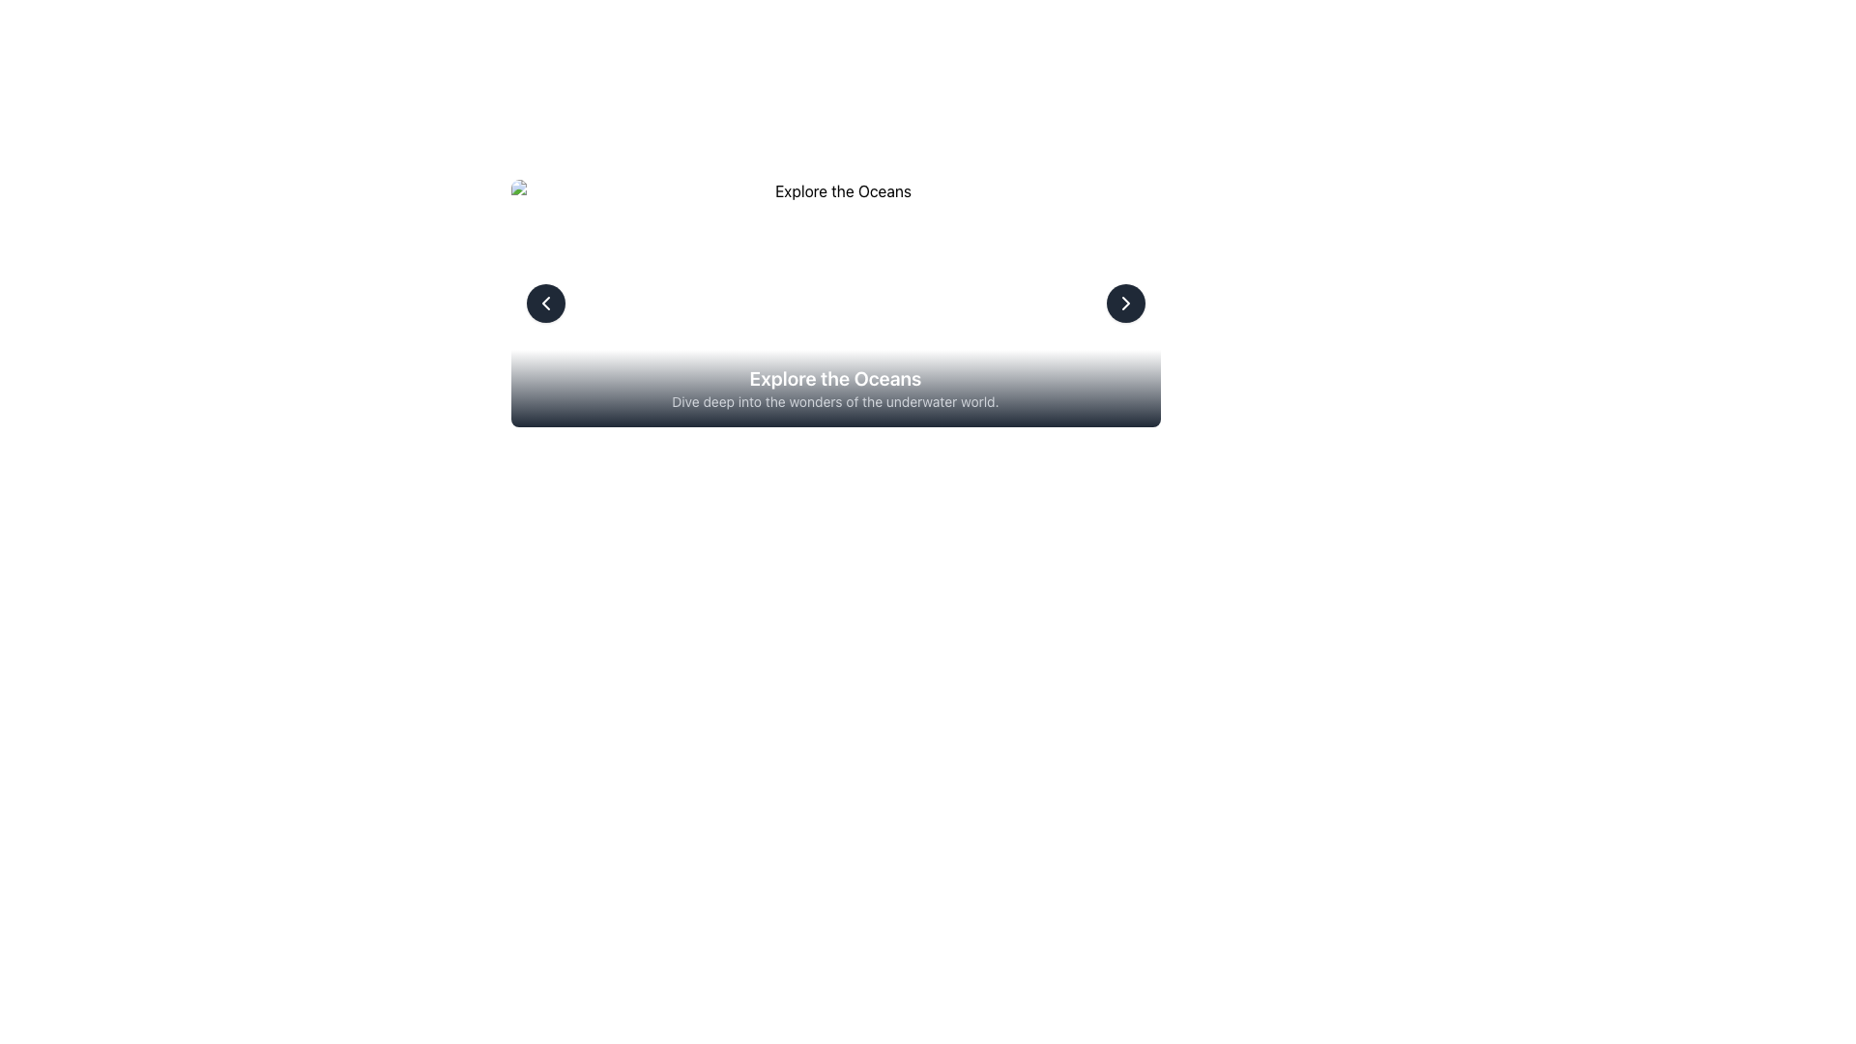 Image resolution: width=1856 pixels, height=1044 pixels. I want to click on the left-facing chevron arrow icon within the circular button, so click(544, 303).